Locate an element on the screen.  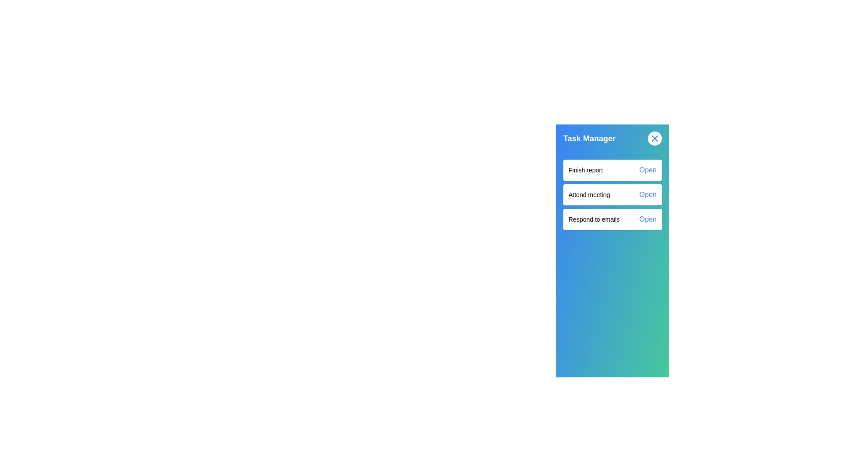
the blue, underlined 'Open' hyperlink located next to the 'Finish Report' phrase in the task manager interface to initiate the action is located at coordinates (648, 170).